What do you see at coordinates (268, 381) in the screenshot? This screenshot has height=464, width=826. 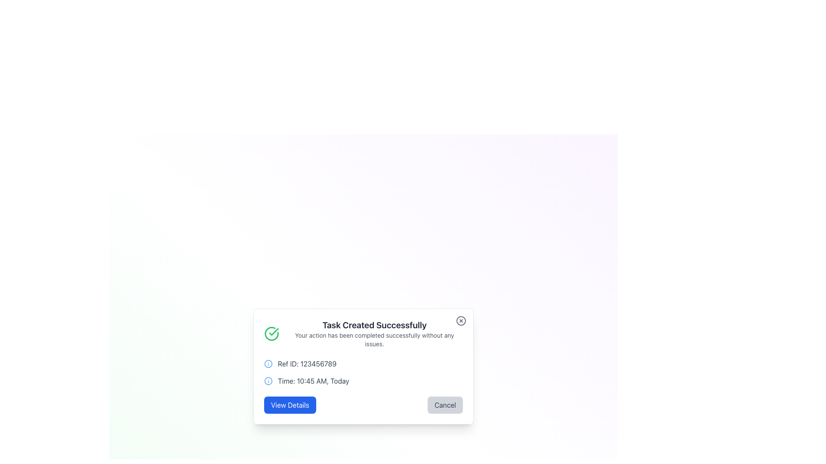 I see `the Informational Icon located to the left of the text label 'Time: 10:45 AM, Today' in the notification box` at bounding box center [268, 381].